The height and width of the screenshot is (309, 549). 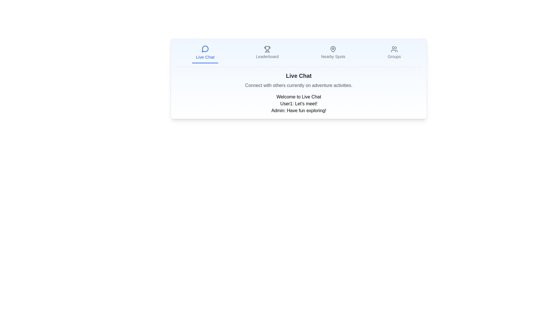 What do you see at coordinates (394, 53) in the screenshot?
I see `the 'Groups' button in the navigation bar, which features an icon of multiple users above the text and changes color from gray to blue when hovered` at bounding box center [394, 53].